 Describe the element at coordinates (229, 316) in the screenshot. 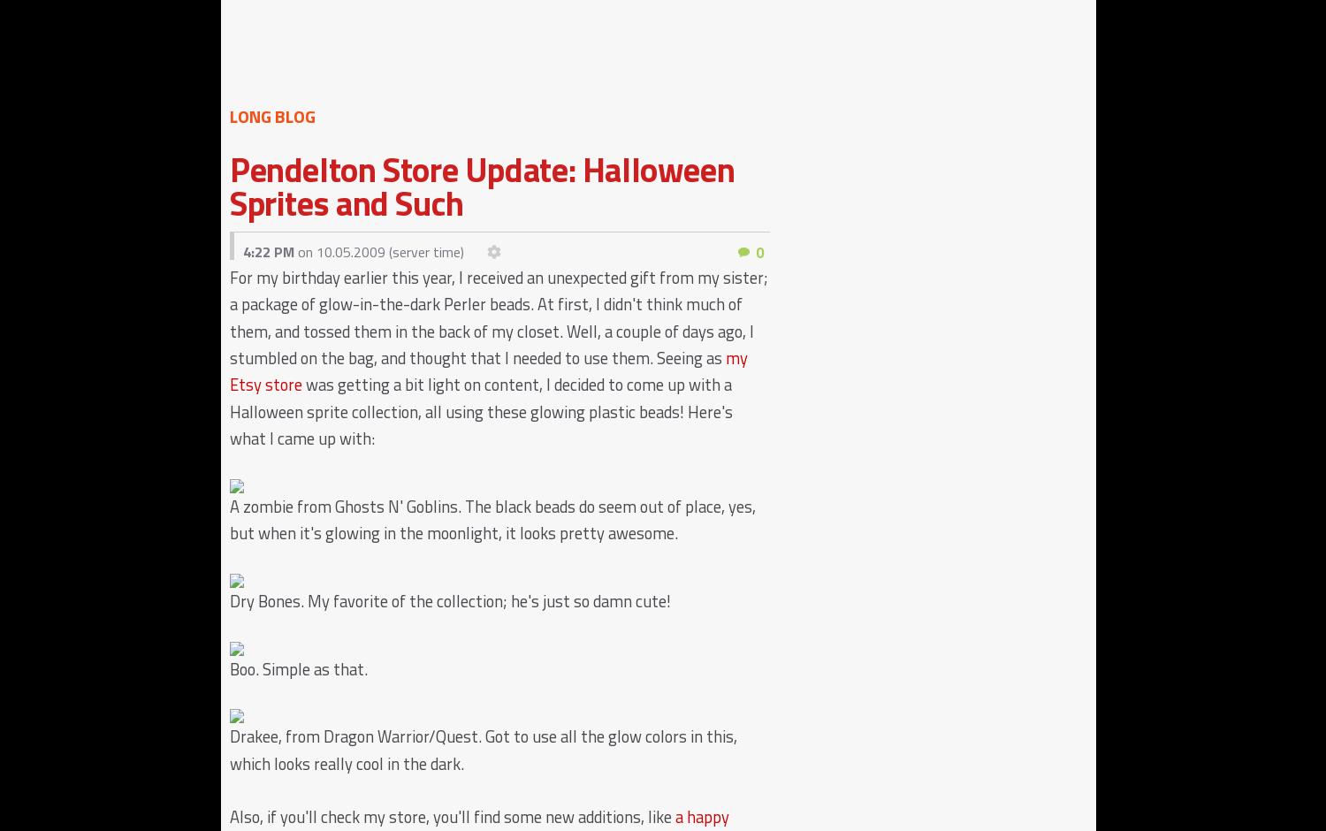

I see `'For my birthday earlier this year, I received an unexpected gift from my sister; a package of glow-in-the-dark Perler beads. At first, I didn't think much of them, and tossed them in the back of my closet. Well, a couple of days ago, I stumbled on the bag, and thought that I needed to use them. Seeing as'` at that location.